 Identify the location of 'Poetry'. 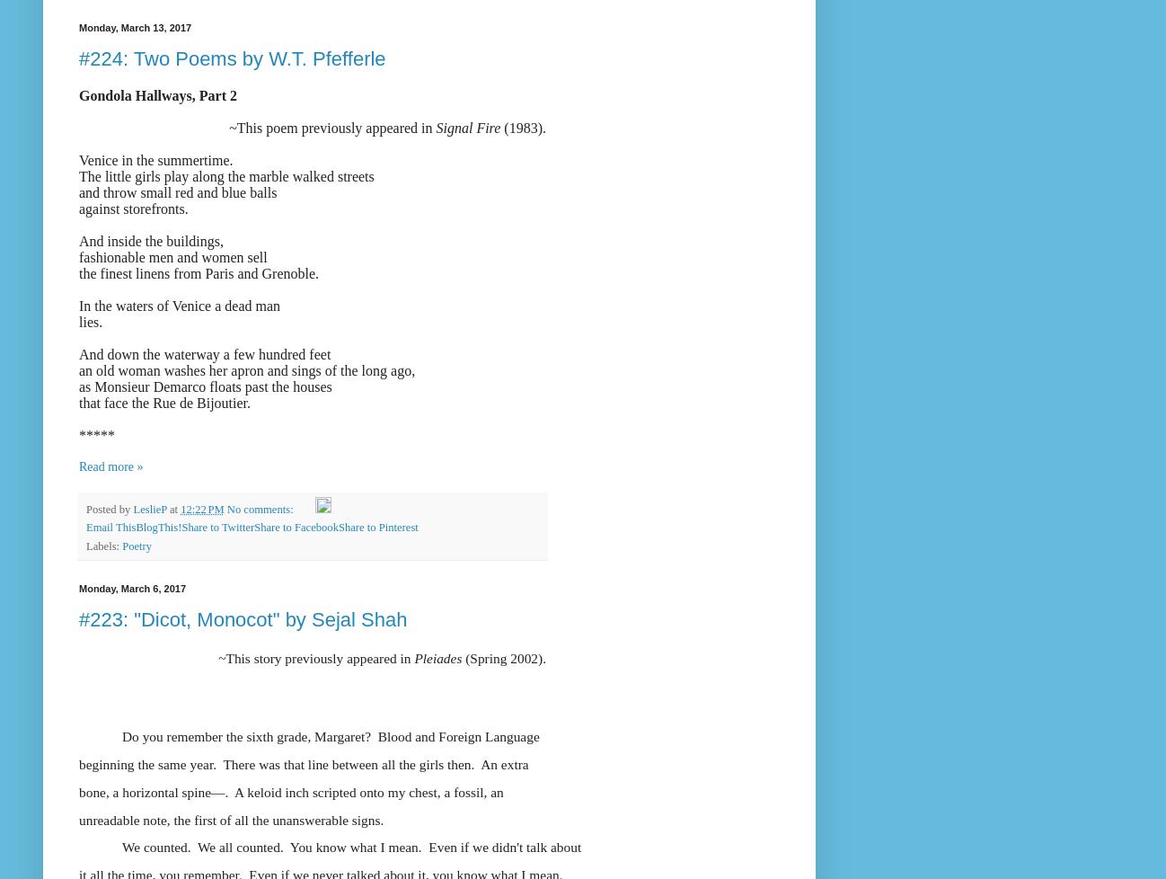
(136, 546).